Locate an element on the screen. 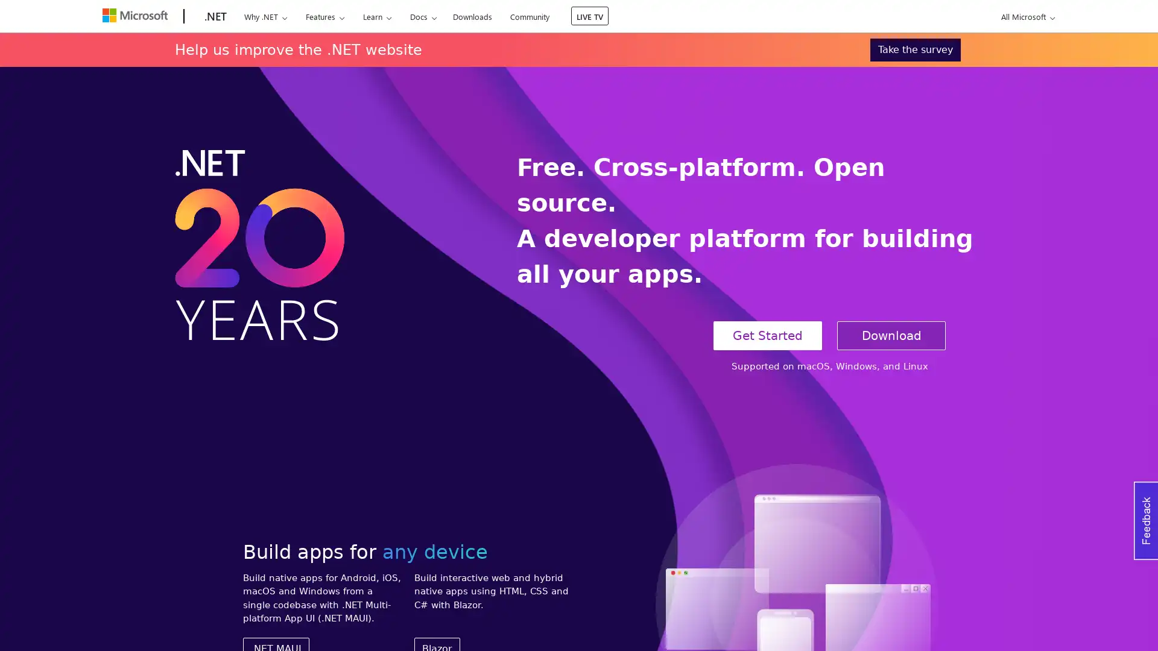  Why .NET is located at coordinates (265, 16).